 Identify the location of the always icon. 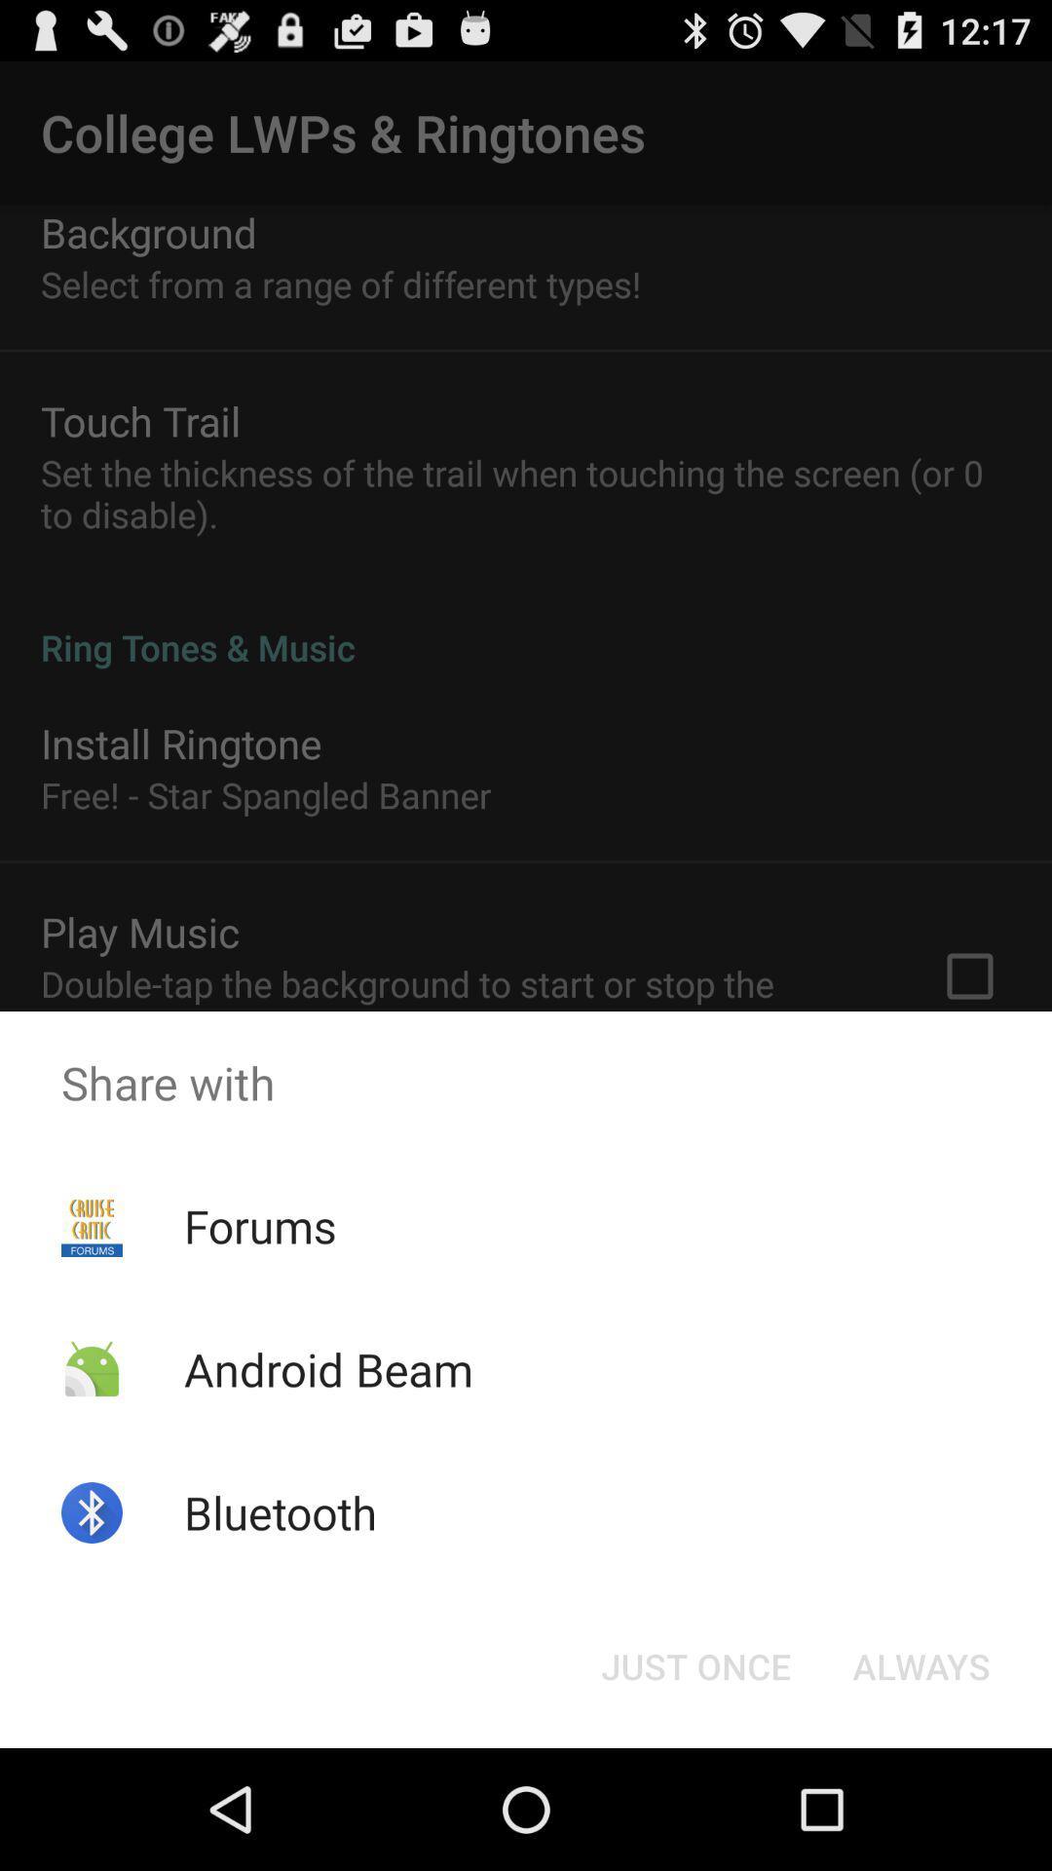
(920, 1664).